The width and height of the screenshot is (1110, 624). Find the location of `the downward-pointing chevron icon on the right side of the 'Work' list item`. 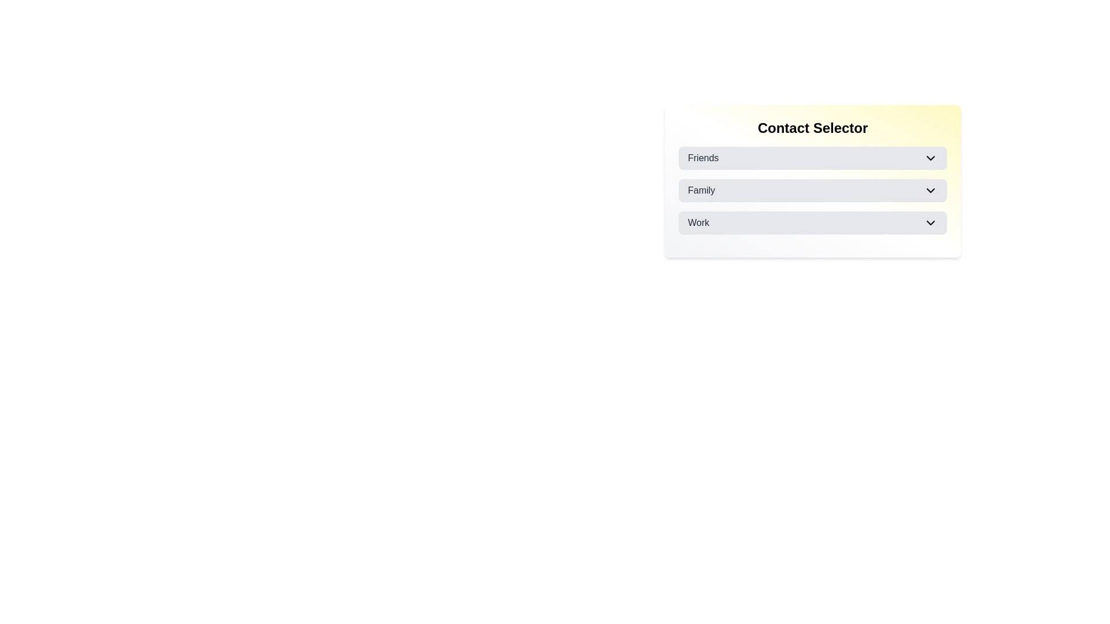

the downward-pointing chevron icon on the right side of the 'Work' list item is located at coordinates (930, 222).